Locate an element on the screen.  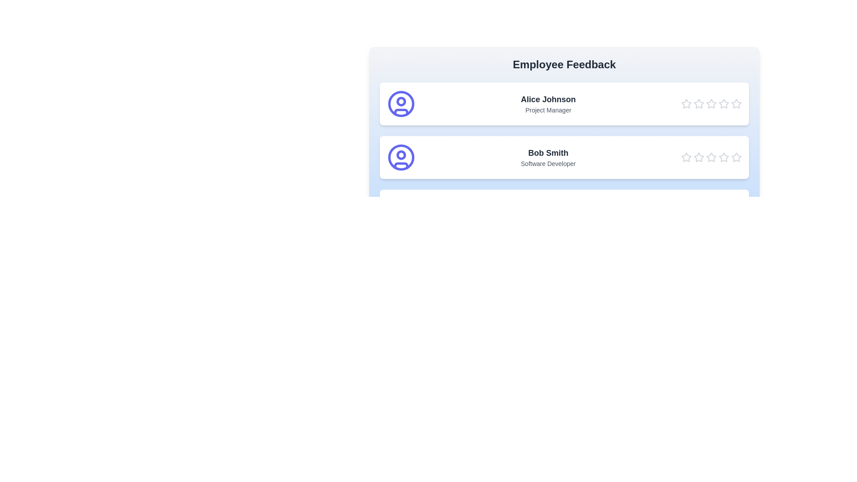
the star corresponding to 1 stars for the employee Alice Johnson is located at coordinates (686, 103).